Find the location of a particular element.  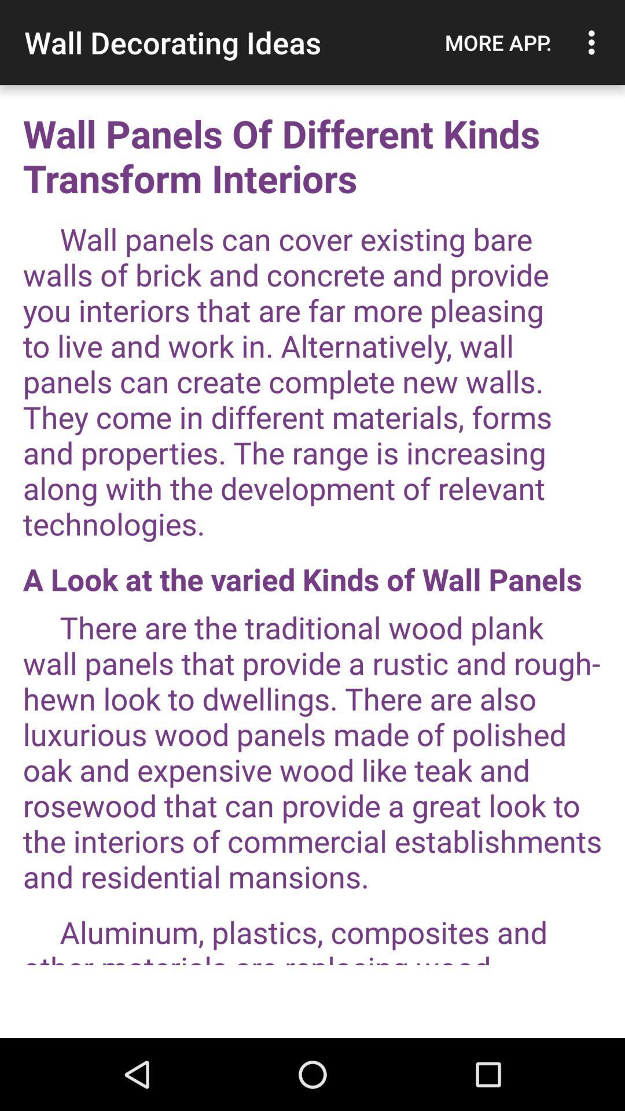

the icon next to wall decorating ideas item is located at coordinates (498, 42).